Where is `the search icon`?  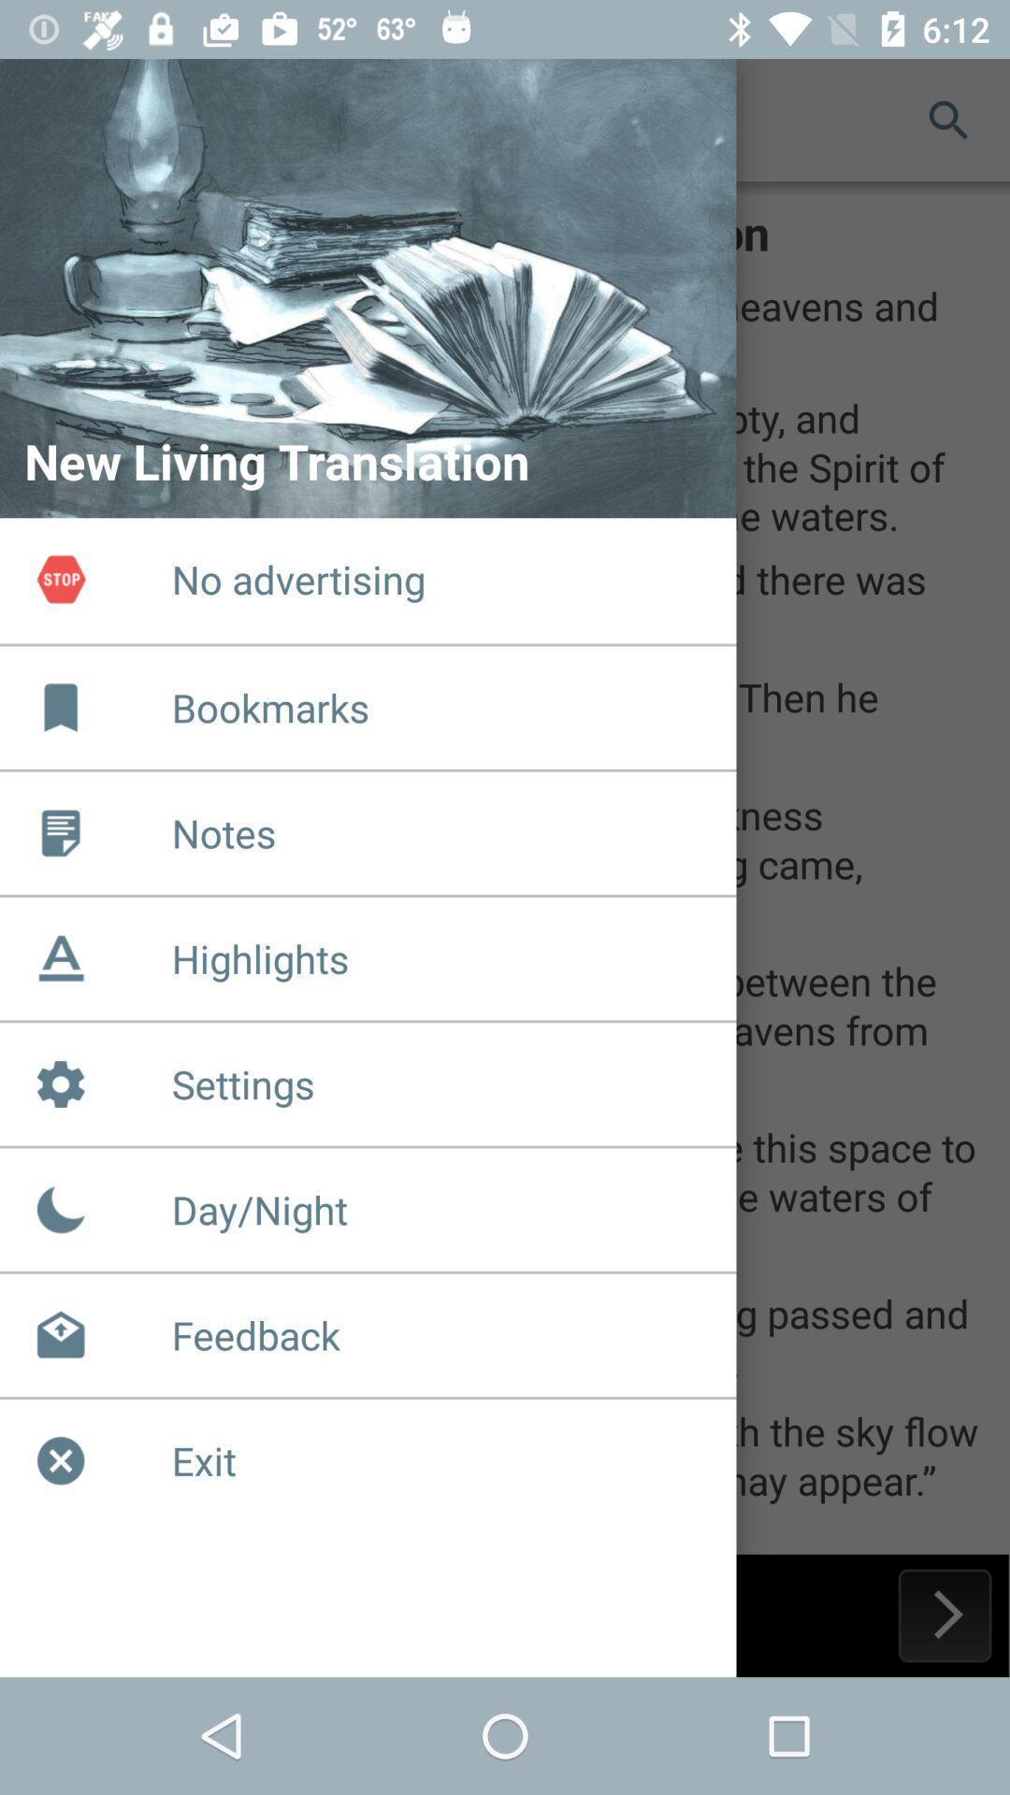 the search icon is located at coordinates (948, 119).